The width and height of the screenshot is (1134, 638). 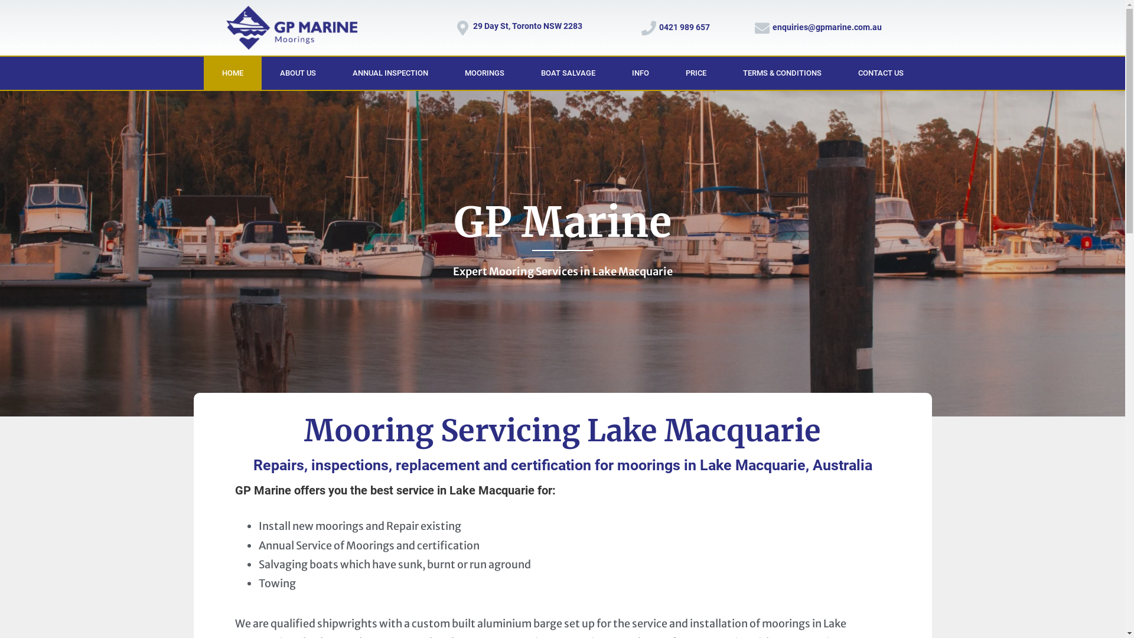 What do you see at coordinates (659, 27) in the screenshot?
I see `'0421 989 657'` at bounding box center [659, 27].